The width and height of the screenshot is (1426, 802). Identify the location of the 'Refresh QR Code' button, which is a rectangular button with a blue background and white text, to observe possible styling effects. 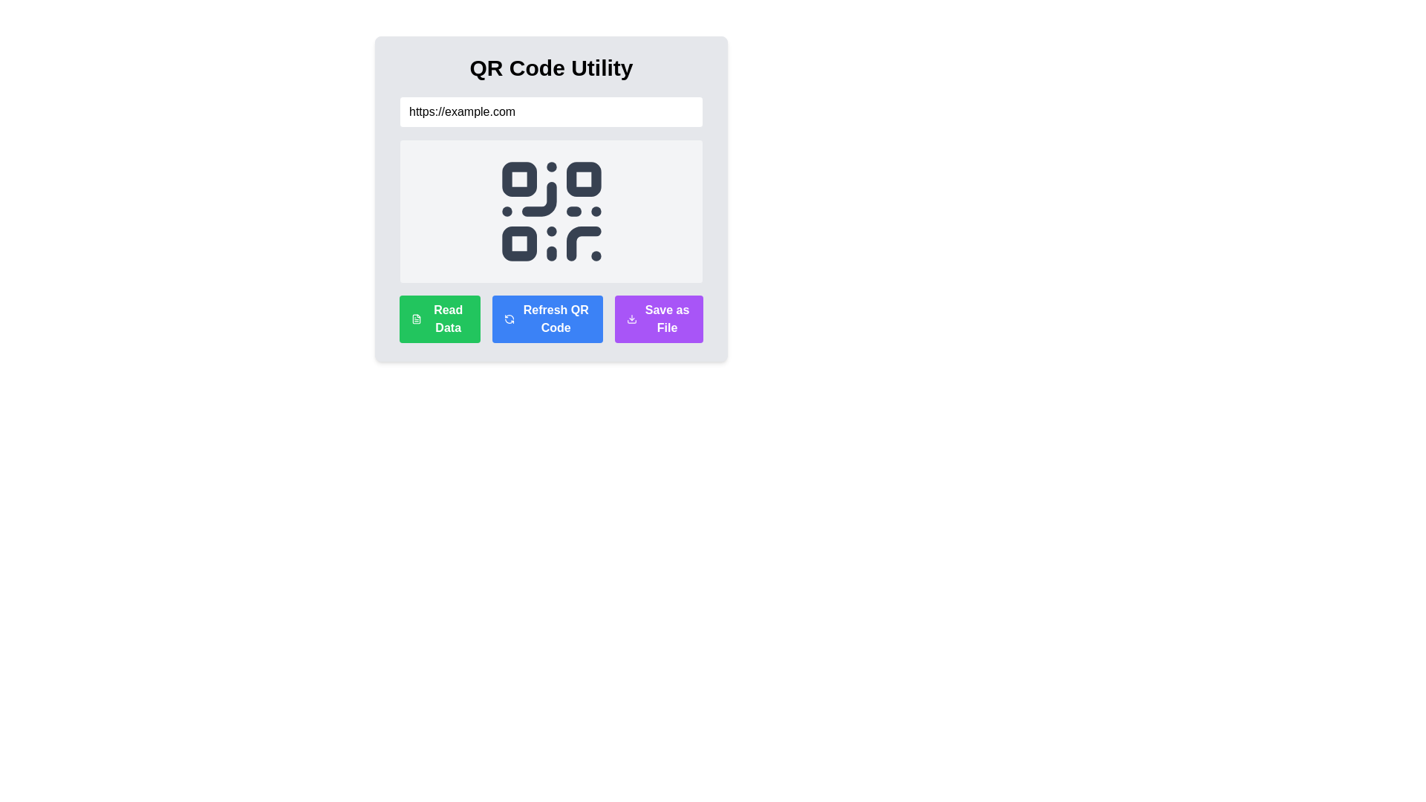
(550, 318).